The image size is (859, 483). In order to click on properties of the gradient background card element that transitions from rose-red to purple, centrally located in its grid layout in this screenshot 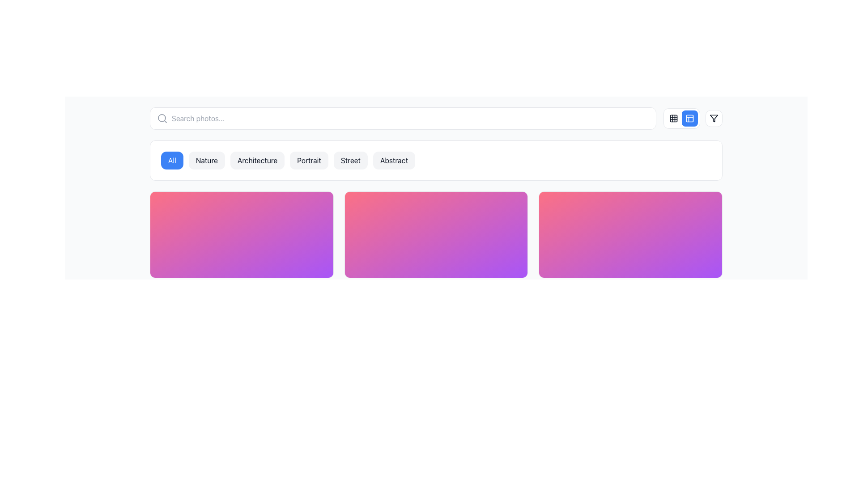, I will do `click(436, 234)`.